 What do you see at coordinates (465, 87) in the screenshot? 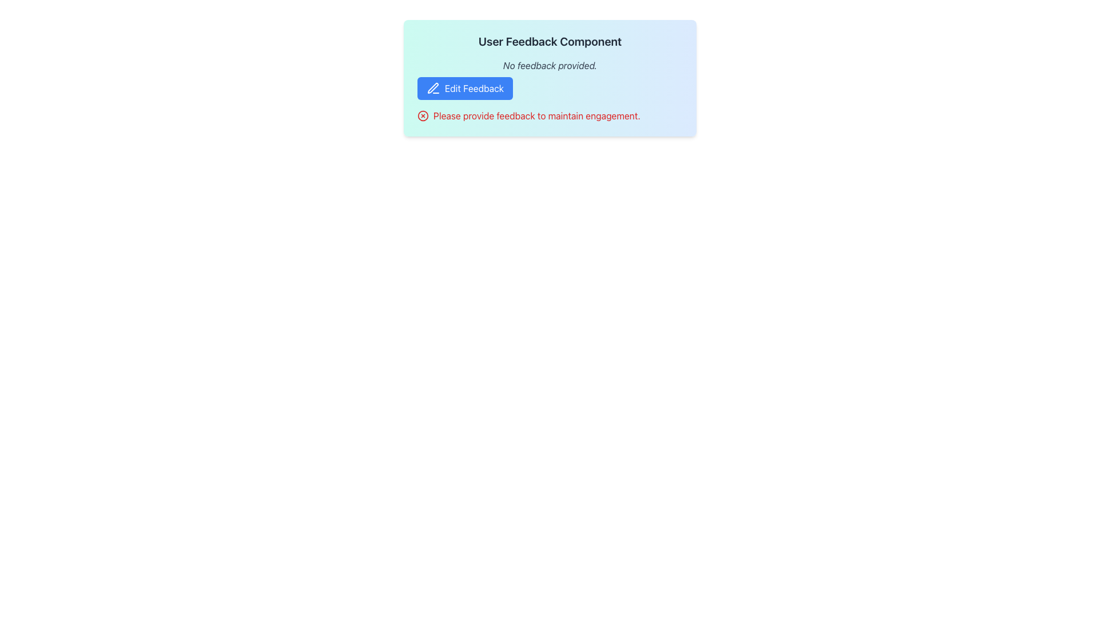
I see `the feedback edit button located below the 'No feedback provided.' text to observe the hover effect` at bounding box center [465, 87].